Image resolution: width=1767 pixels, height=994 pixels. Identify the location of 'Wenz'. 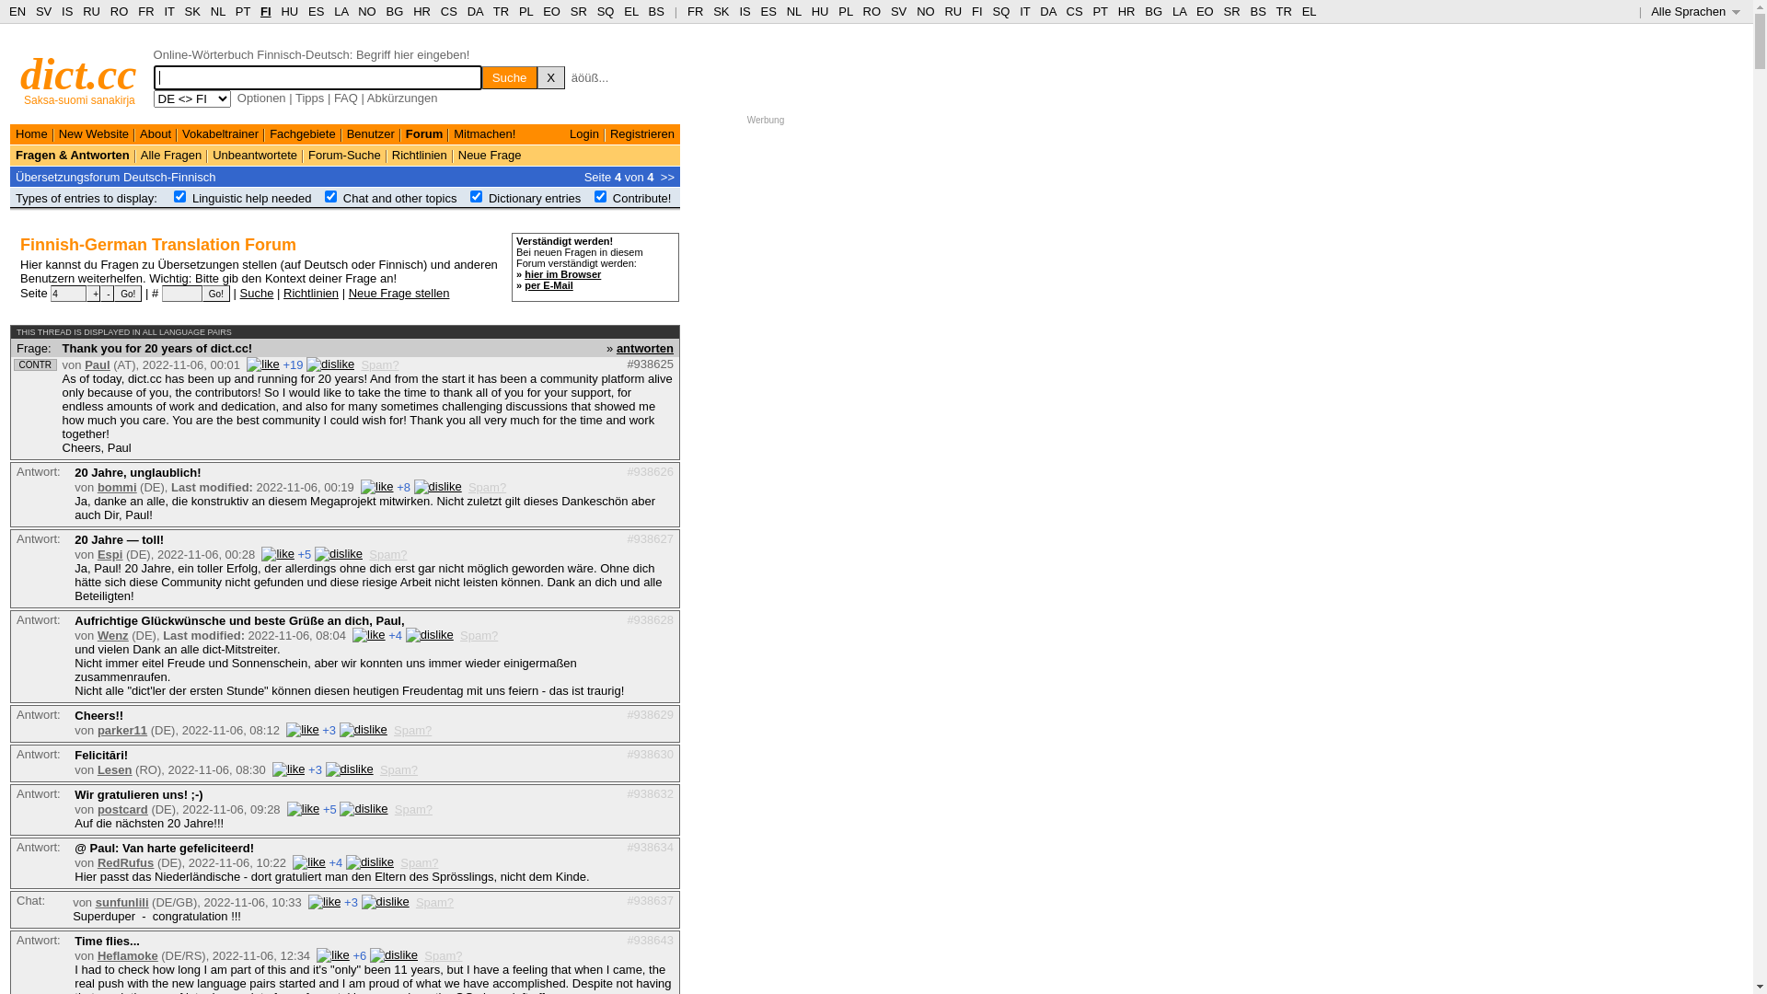
(112, 634).